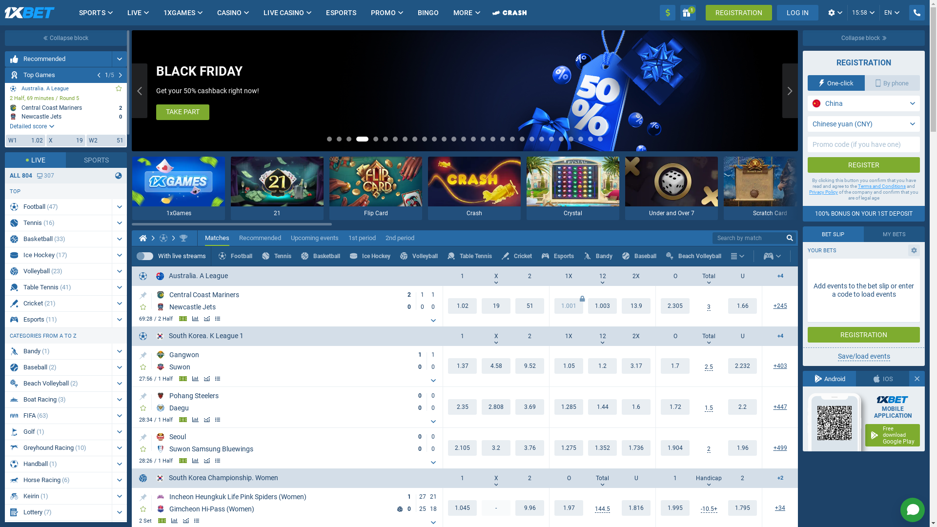 This screenshot has height=527, width=937. Describe the element at coordinates (709, 408) in the screenshot. I see `'1.5'` at that location.